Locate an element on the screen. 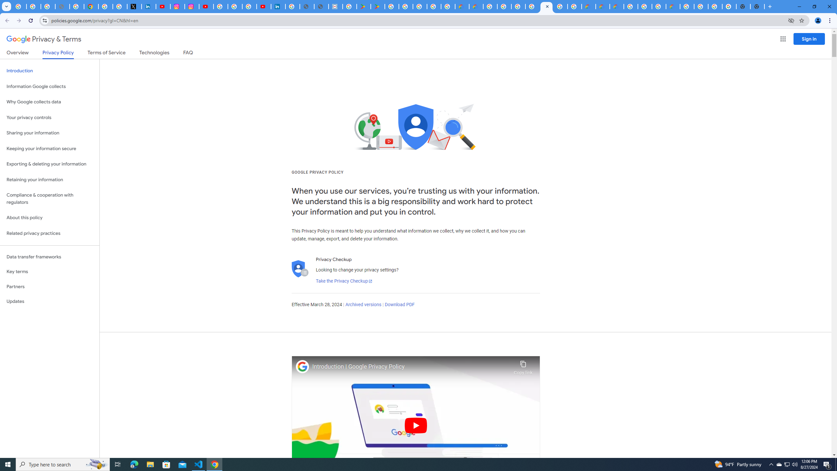  'Sign in - Google Accounts' is located at coordinates (105, 6).